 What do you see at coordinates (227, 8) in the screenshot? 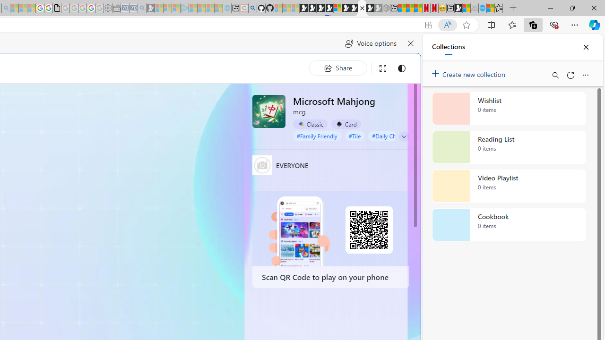
I see `'Home | Sky Blue Bikes - Sky Blue Bikes - Sleeping'` at bounding box center [227, 8].